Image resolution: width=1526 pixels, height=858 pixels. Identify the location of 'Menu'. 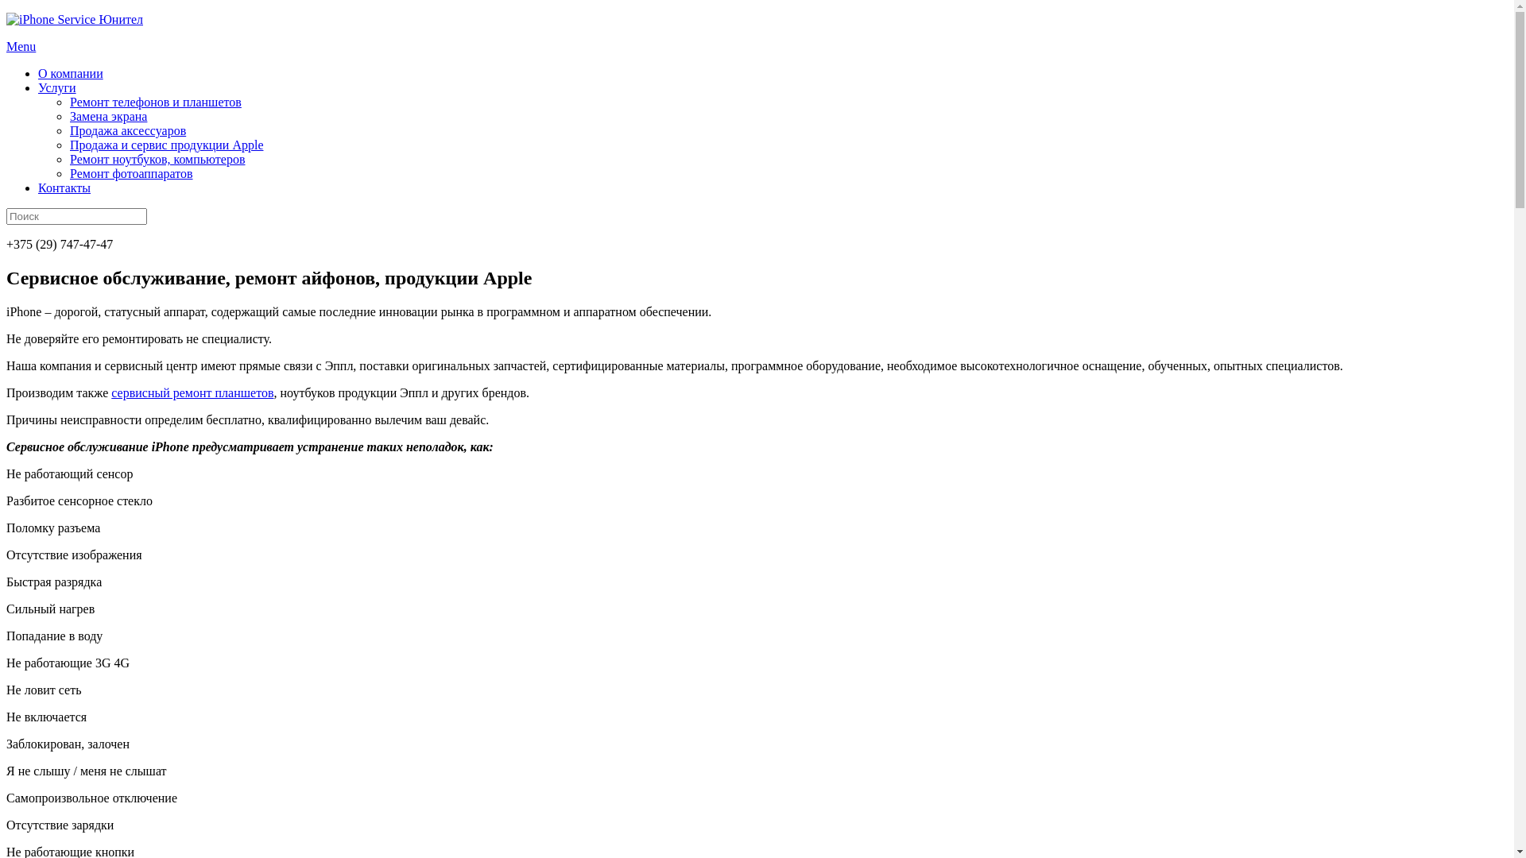
(21, 45).